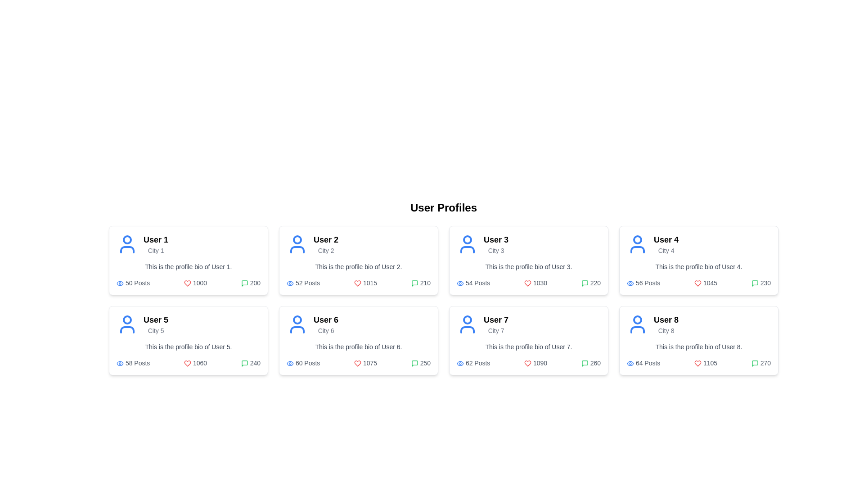 Image resolution: width=864 pixels, height=486 pixels. Describe the element at coordinates (467, 324) in the screenshot. I see `the user profile icon located in the profile card labeled 'User 7' and 'City 7', which is positioned in the bottom row, second from the left` at that location.